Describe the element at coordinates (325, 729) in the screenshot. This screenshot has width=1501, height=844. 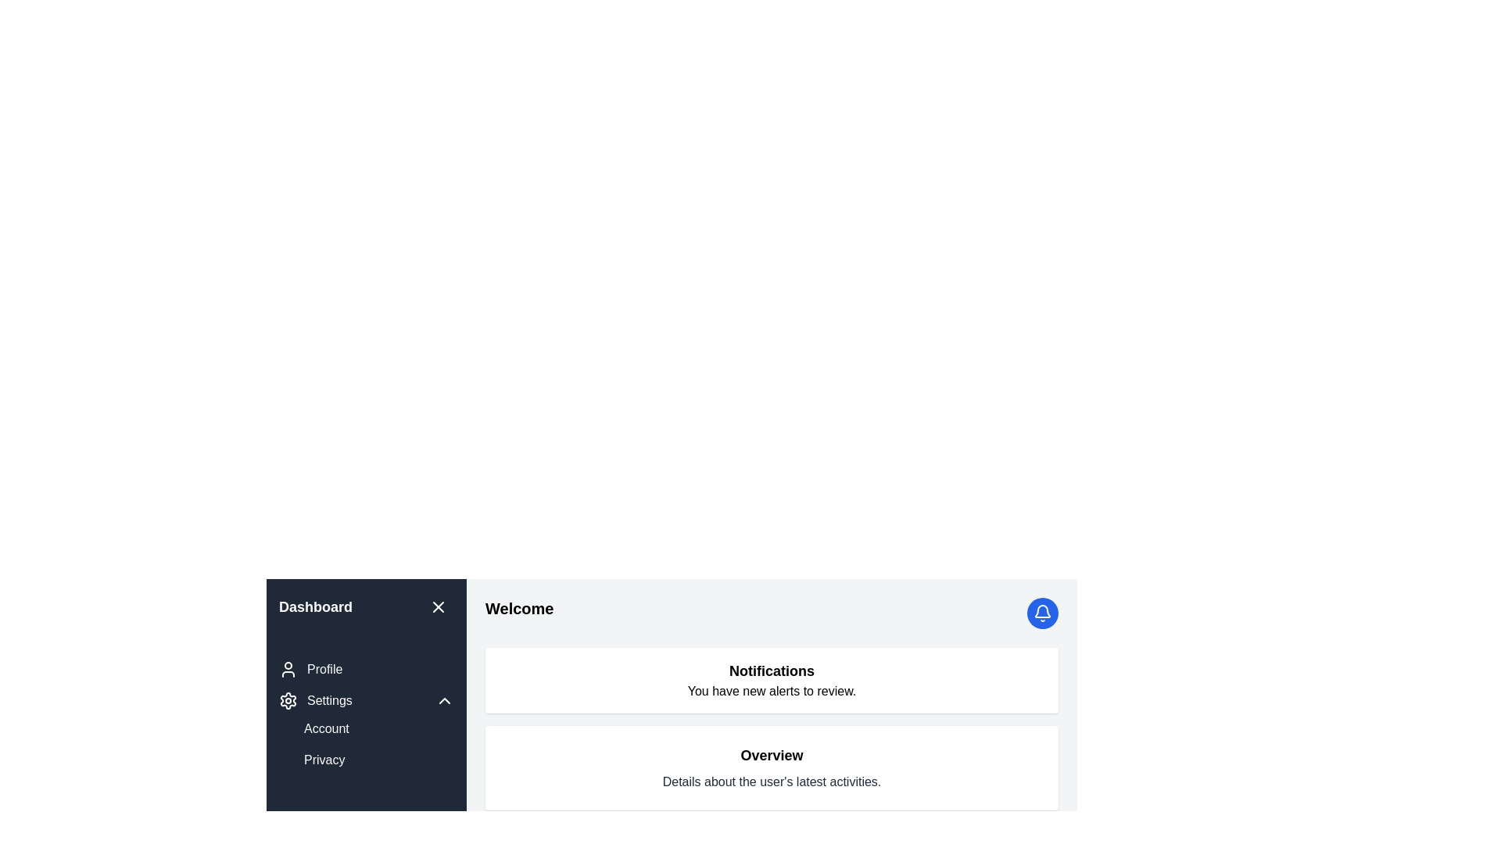
I see `the 'Account' button located in the vertical navigation menu at the top-left corner of the application` at that location.